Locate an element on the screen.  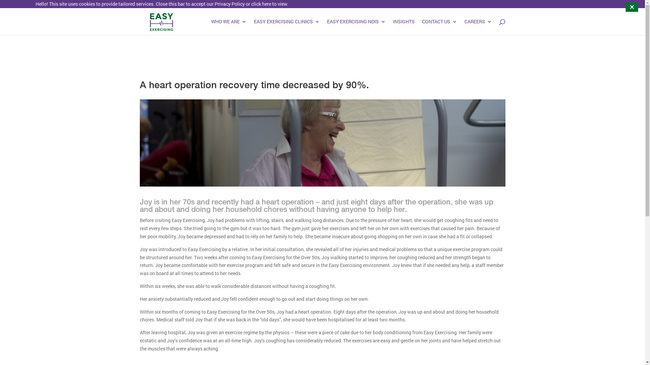
'CAREERS' is located at coordinates (478, 27).